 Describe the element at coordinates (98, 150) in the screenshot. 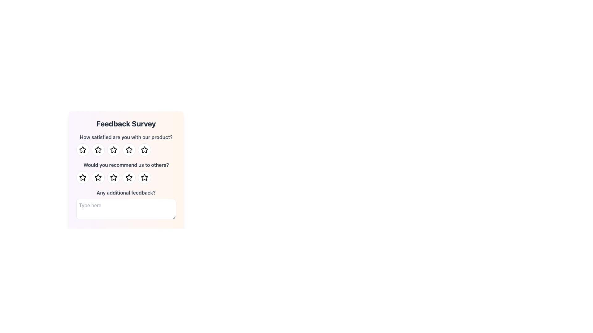

I see `the circular button with a black outlined star icon` at that location.